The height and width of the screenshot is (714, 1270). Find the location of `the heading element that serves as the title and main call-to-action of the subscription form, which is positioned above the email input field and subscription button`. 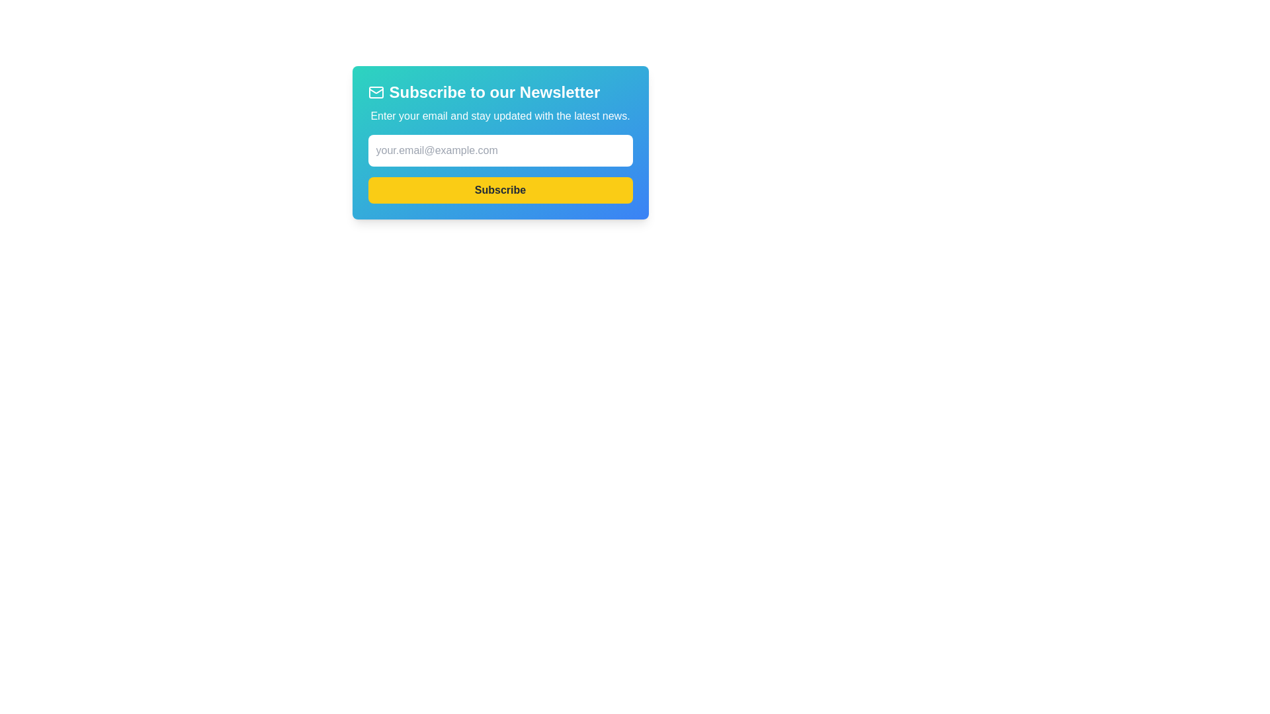

the heading element that serves as the title and main call-to-action of the subscription form, which is positioned above the email input field and subscription button is located at coordinates (499, 91).